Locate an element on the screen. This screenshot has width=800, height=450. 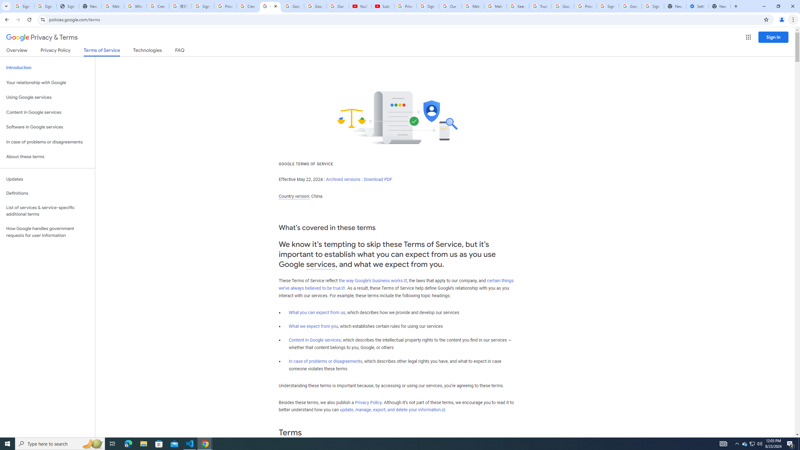
'services' is located at coordinates (321, 264).